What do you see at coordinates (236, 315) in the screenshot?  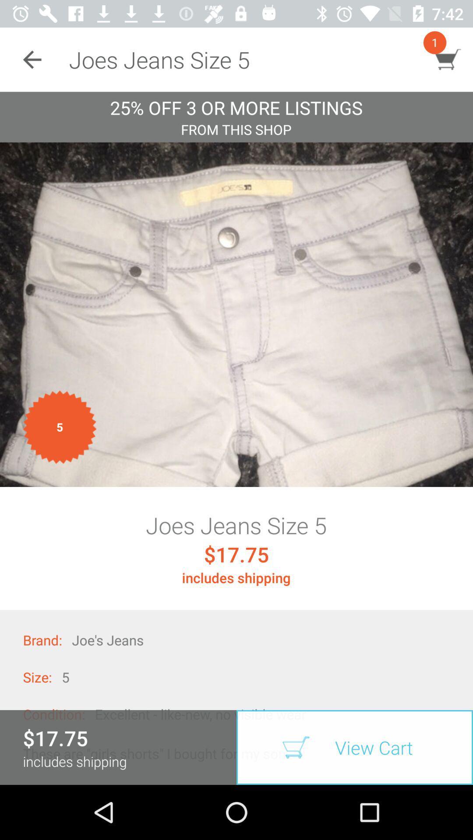 I see `enlarge image` at bounding box center [236, 315].